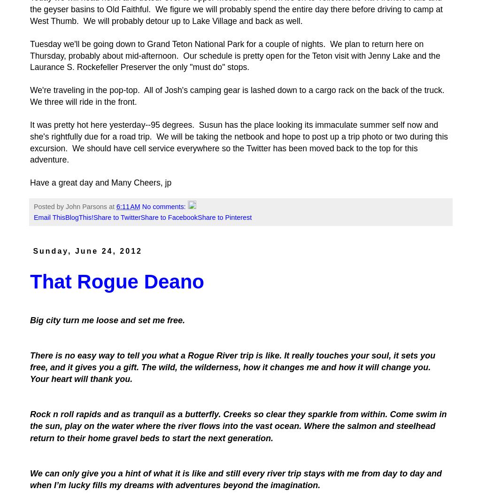  Describe the element at coordinates (224, 217) in the screenshot. I see `'Share to Pinterest'` at that location.